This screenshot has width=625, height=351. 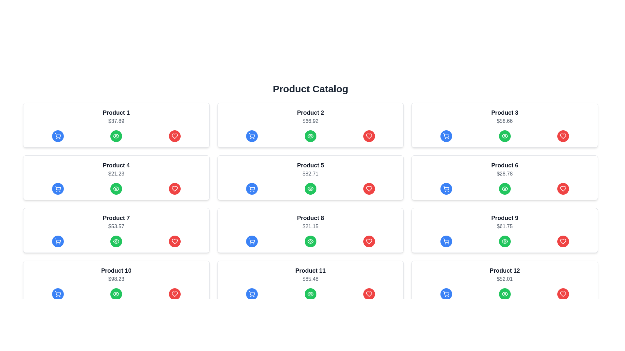 I want to click on the blue circular button with a white shopping cart icon to change its background color, so click(x=252, y=136).